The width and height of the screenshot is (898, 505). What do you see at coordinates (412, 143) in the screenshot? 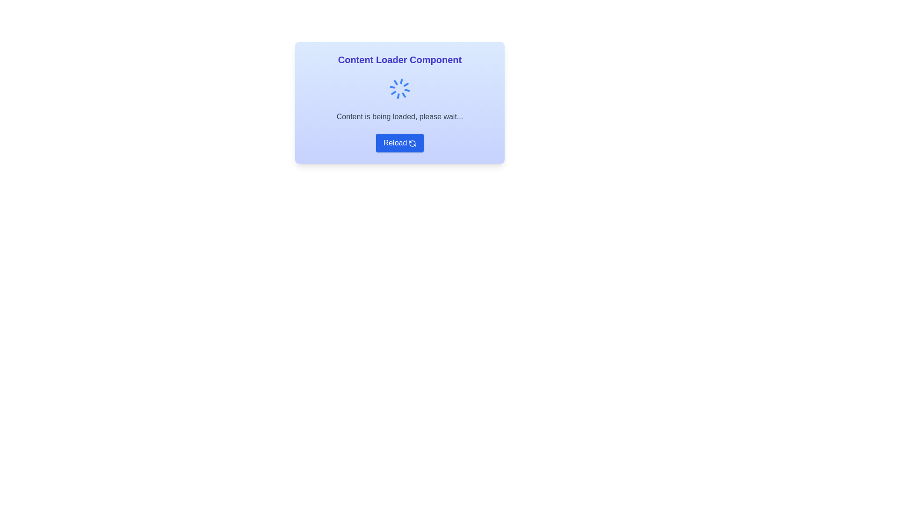
I see `the reload icon within the blue 'Reload' button, which is located to the right of the text 'Reload'` at bounding box center [412, 143].